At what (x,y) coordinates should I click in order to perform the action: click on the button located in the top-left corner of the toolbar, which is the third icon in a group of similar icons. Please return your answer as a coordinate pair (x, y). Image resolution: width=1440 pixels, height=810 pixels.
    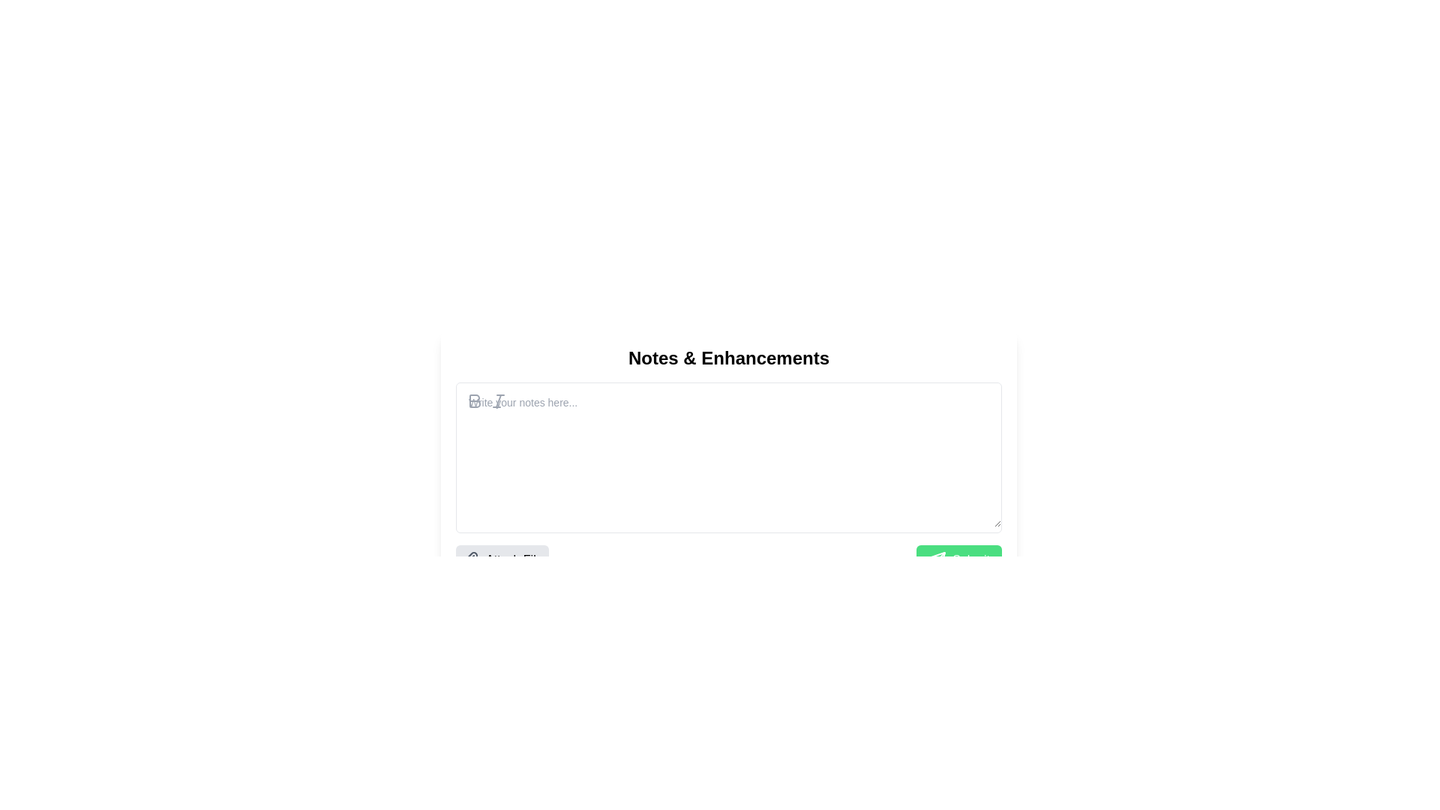
    Looking at the image, I should click on (499, 400).